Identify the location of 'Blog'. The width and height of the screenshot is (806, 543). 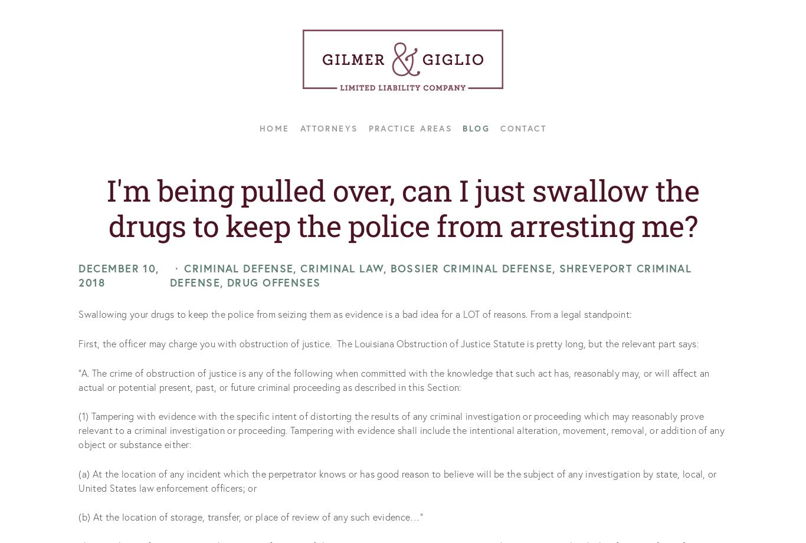
(475, 127).